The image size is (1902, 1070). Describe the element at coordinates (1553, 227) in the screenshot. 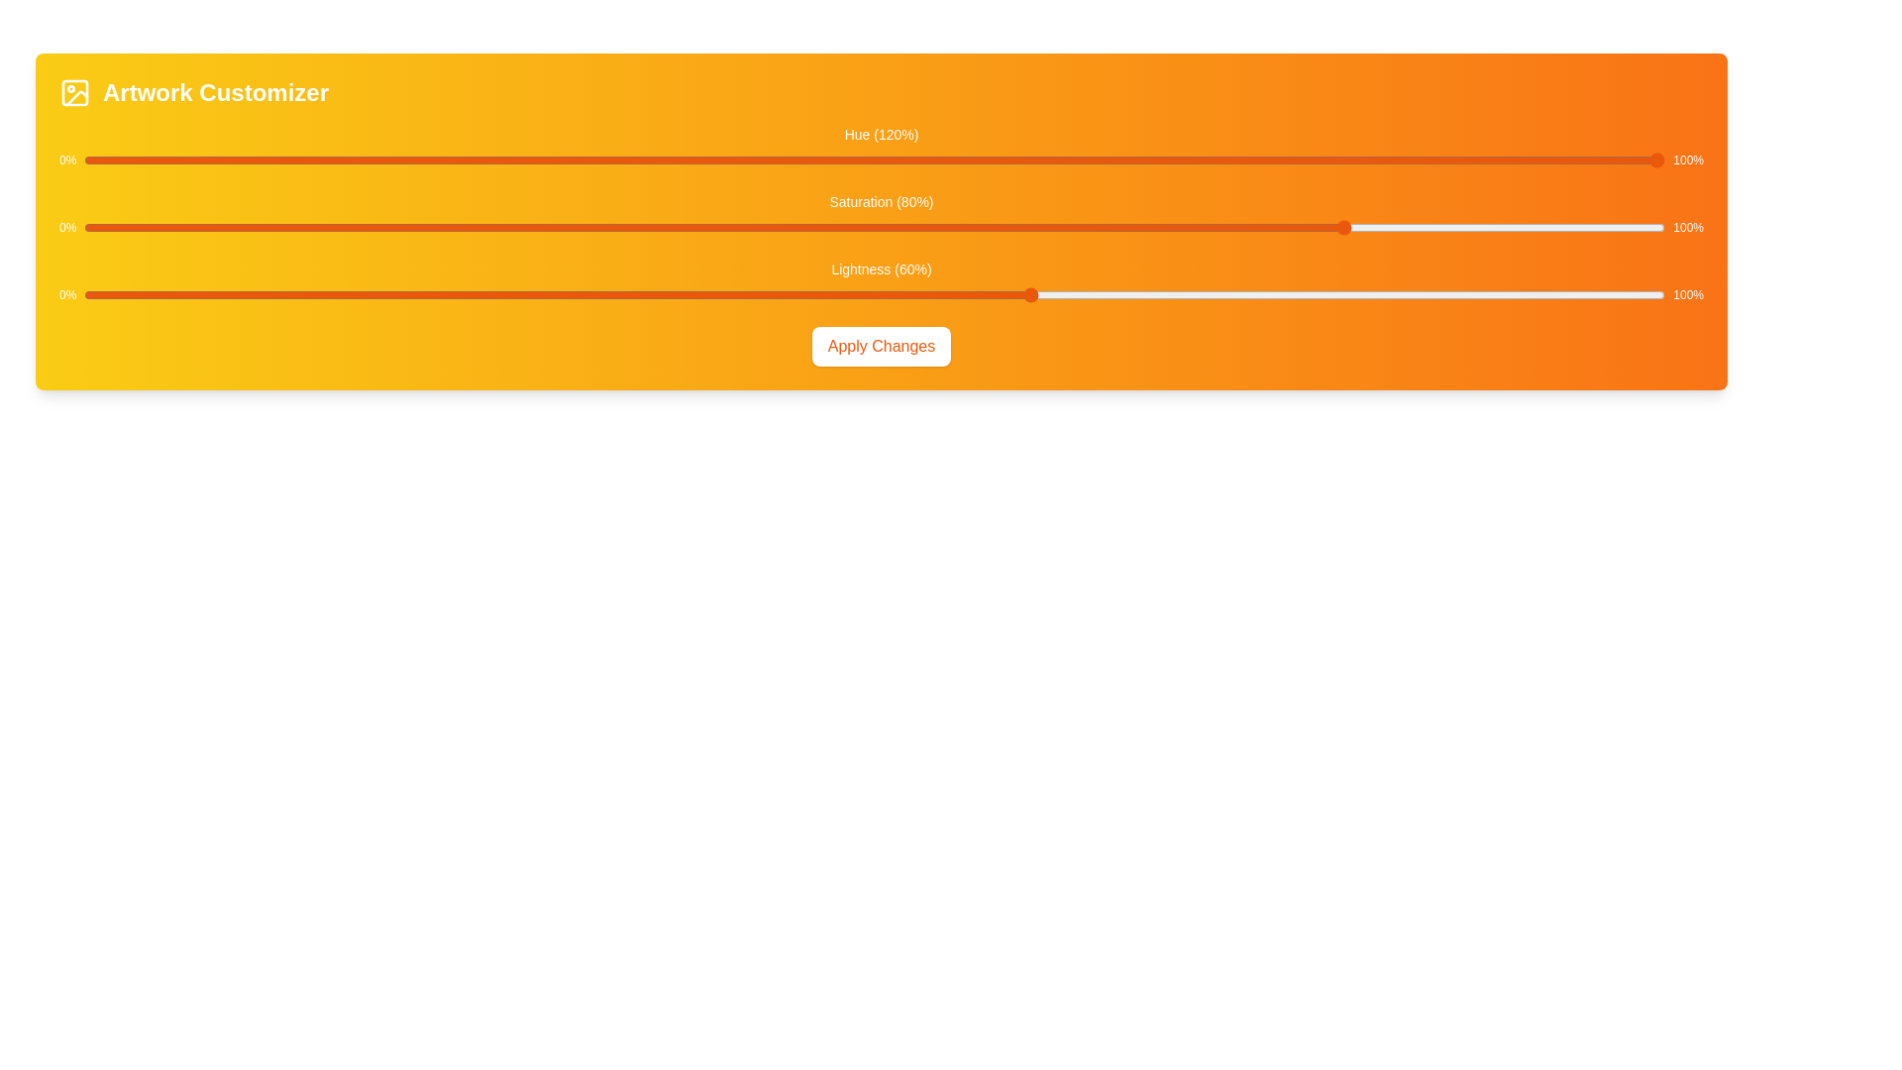

I see `the saturation slider to set its value to 93%` at that location.